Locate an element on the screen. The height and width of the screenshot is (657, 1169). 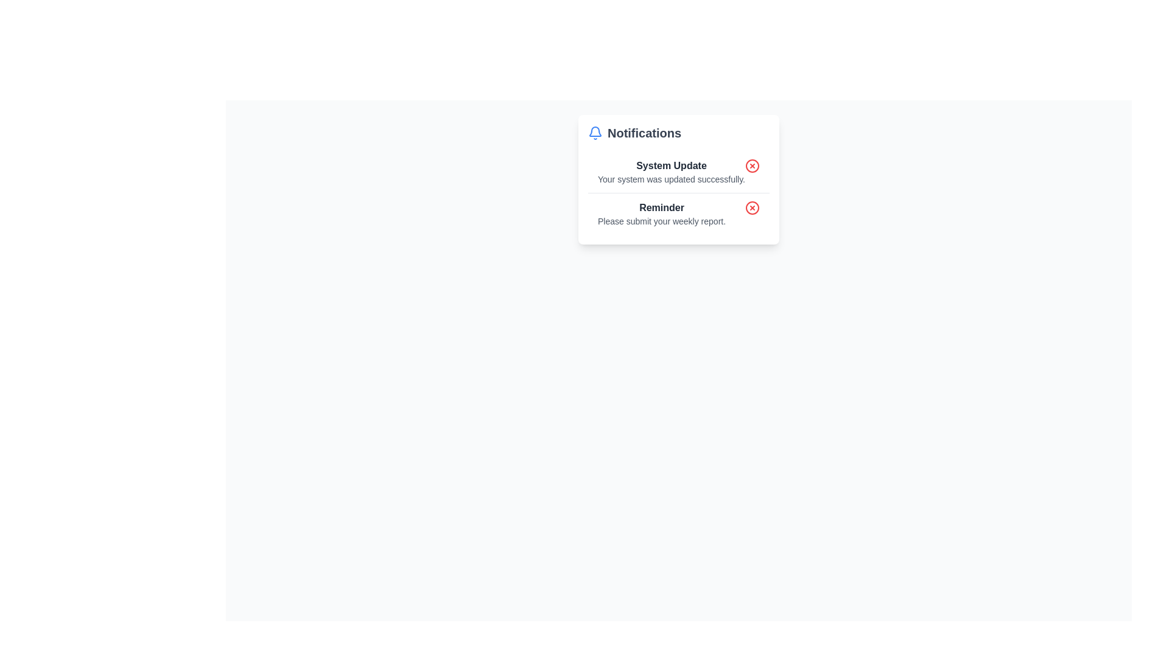
the 'Notifications' text label that is bold, large, gray, and located at the top left corner of the notification card, next to the blue notification bell icon is located at coordinates (634, 133).